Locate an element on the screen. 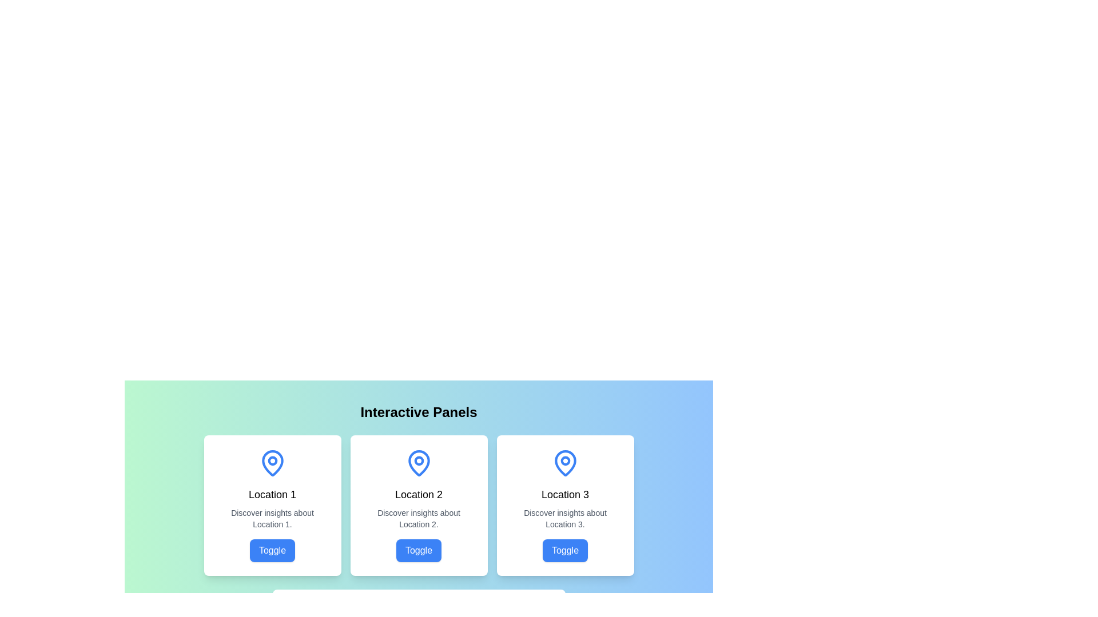 Image resolution: width=1098 pixels, height=617 pixels. the 'Toggle' button with a blue background and white text located at the bottom-center of the 'Location 1' panel is located at coordinates (272, 550).